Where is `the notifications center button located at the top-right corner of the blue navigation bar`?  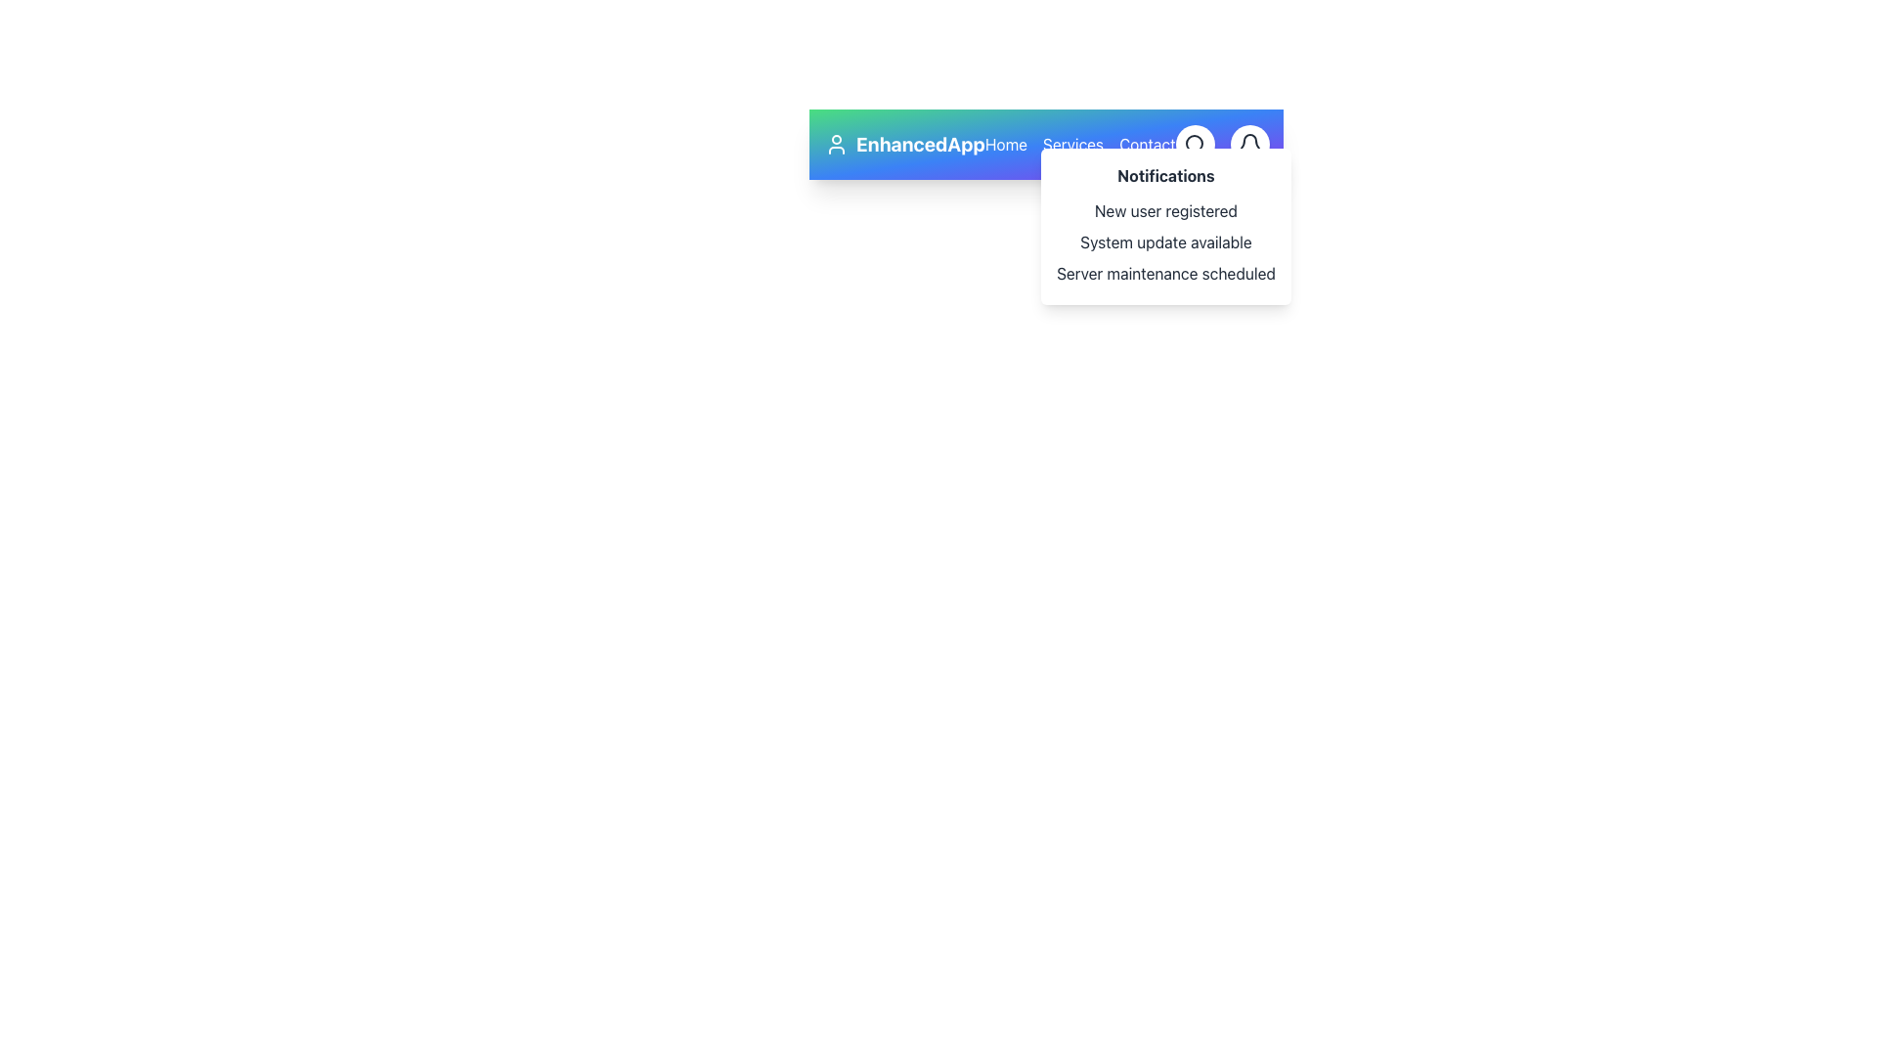
the notifications center button located at the top-right corner of the blue navigation bar is located at coordinates (1248, 143).